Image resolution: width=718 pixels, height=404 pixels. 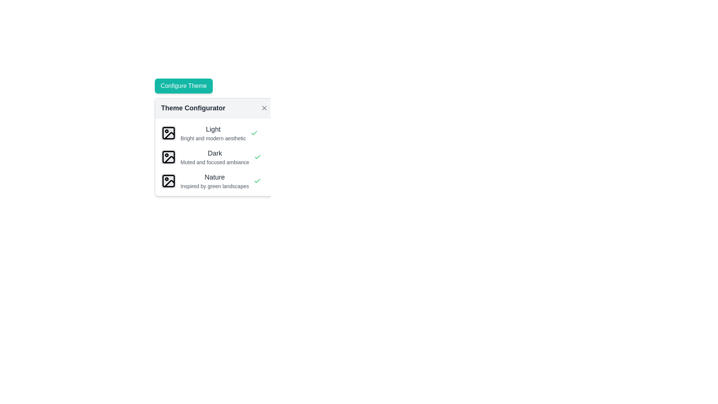 What do you see at coordinates (214, 132) in the screenshot?
I see `the first selectable list item titled 'Light' in the Theme Configurator panel` at bounding box center [214, 132].